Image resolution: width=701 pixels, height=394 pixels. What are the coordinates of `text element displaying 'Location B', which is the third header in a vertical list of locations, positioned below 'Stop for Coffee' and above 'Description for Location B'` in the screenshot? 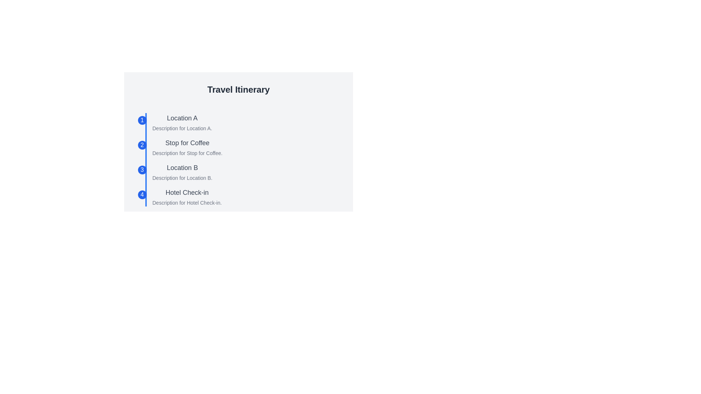 It's located at (182, 167).